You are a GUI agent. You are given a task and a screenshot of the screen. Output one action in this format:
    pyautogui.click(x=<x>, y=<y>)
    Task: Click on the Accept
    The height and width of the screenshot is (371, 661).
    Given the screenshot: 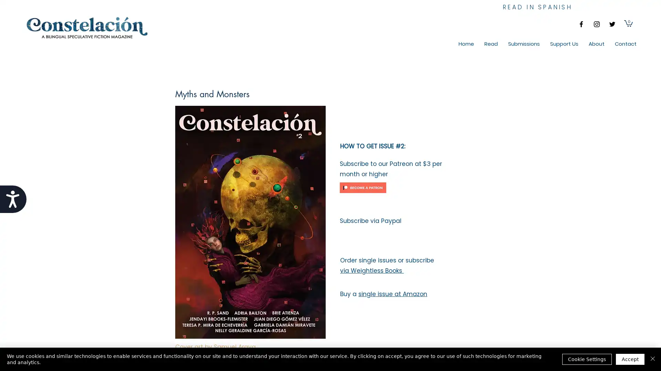 What is the action you would take?
    pyautogui.click(x=630, y=359)
    